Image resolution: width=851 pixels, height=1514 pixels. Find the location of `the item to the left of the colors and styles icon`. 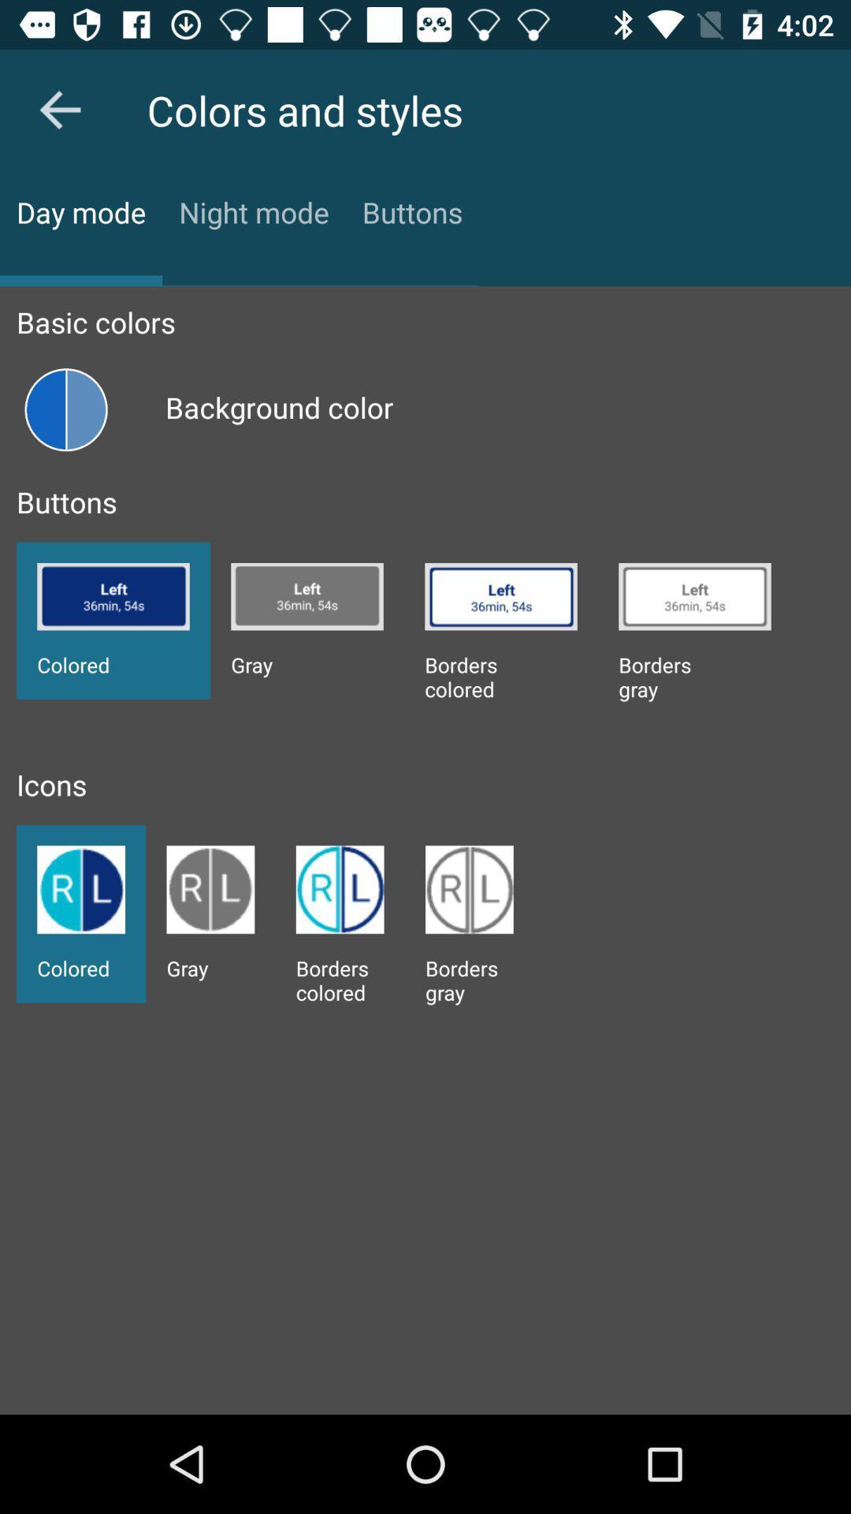

the item to the left of the colors and styles icon is located at coordinates (59, 109).